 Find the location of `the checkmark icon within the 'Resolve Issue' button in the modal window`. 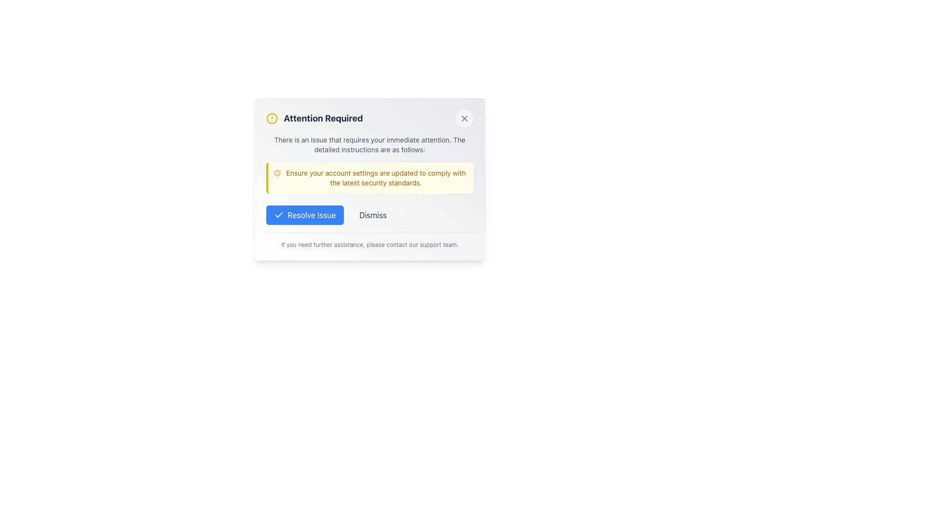

the checkmark icon within the 'Resolve Issue' button in the modal window is located at coordinates (278, 214).